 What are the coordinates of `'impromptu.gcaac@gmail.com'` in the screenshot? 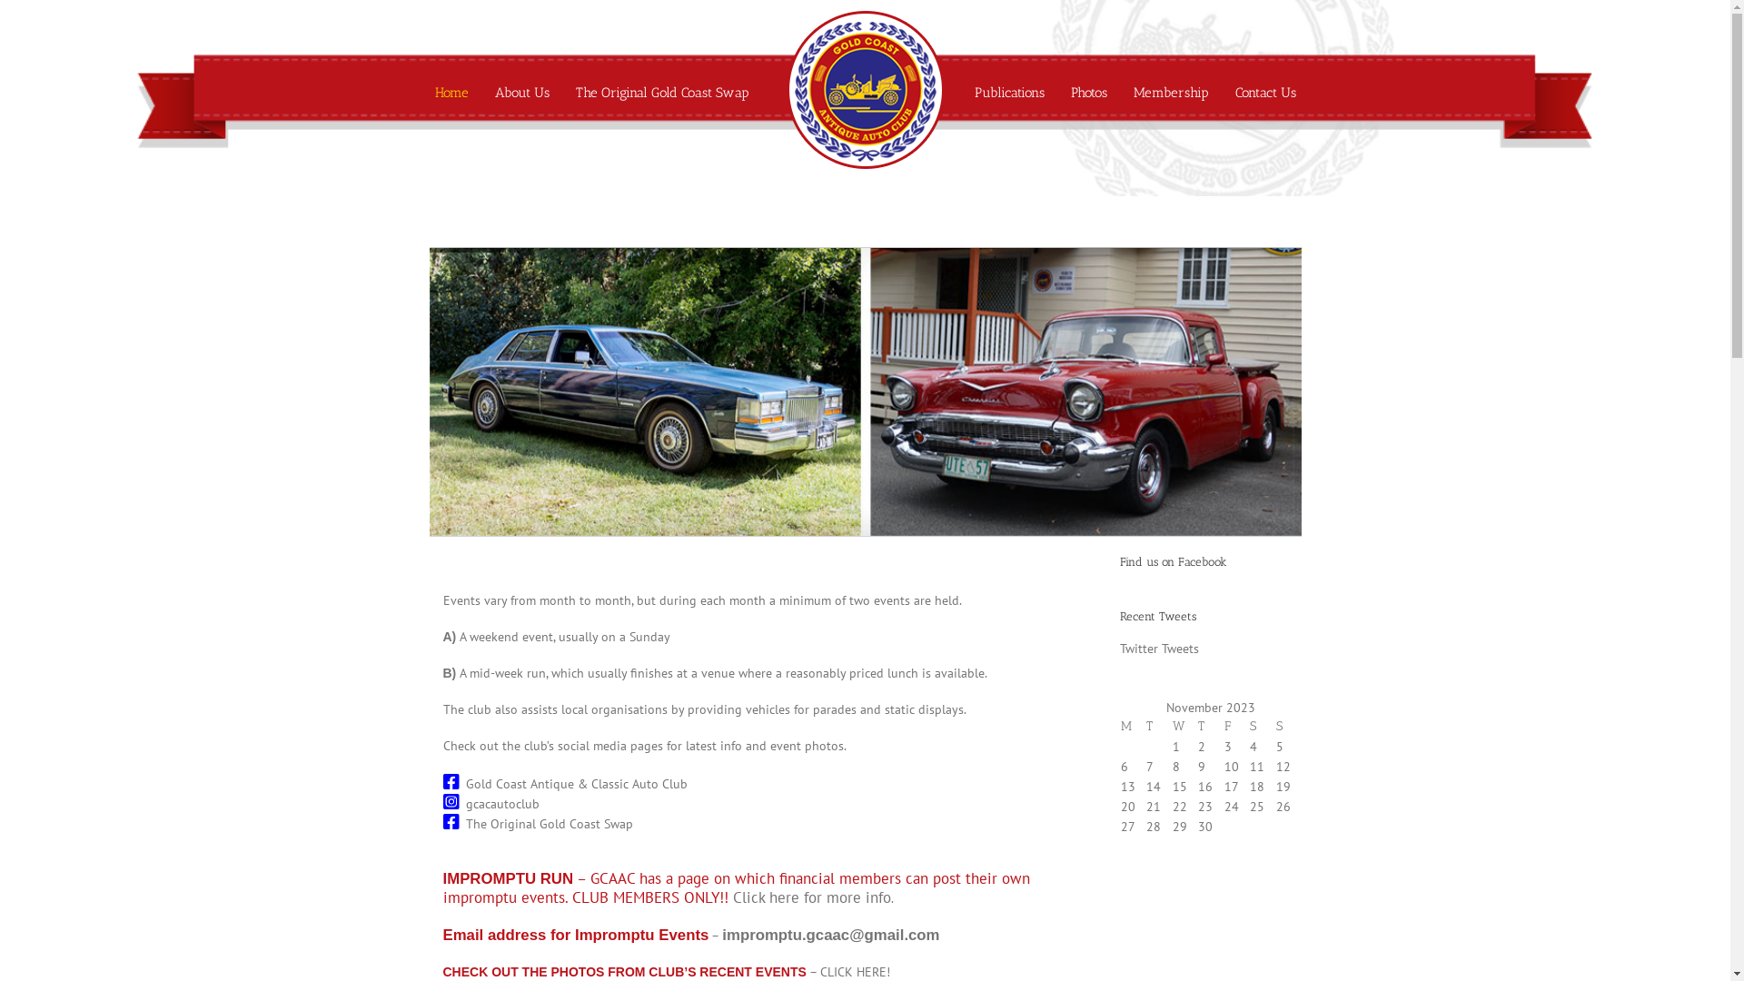 It's located at (829, 935).